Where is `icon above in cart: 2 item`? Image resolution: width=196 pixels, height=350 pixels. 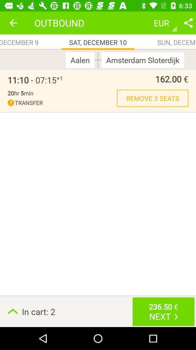 icon above in cart: 2 item is located at coordinates (152, 98).